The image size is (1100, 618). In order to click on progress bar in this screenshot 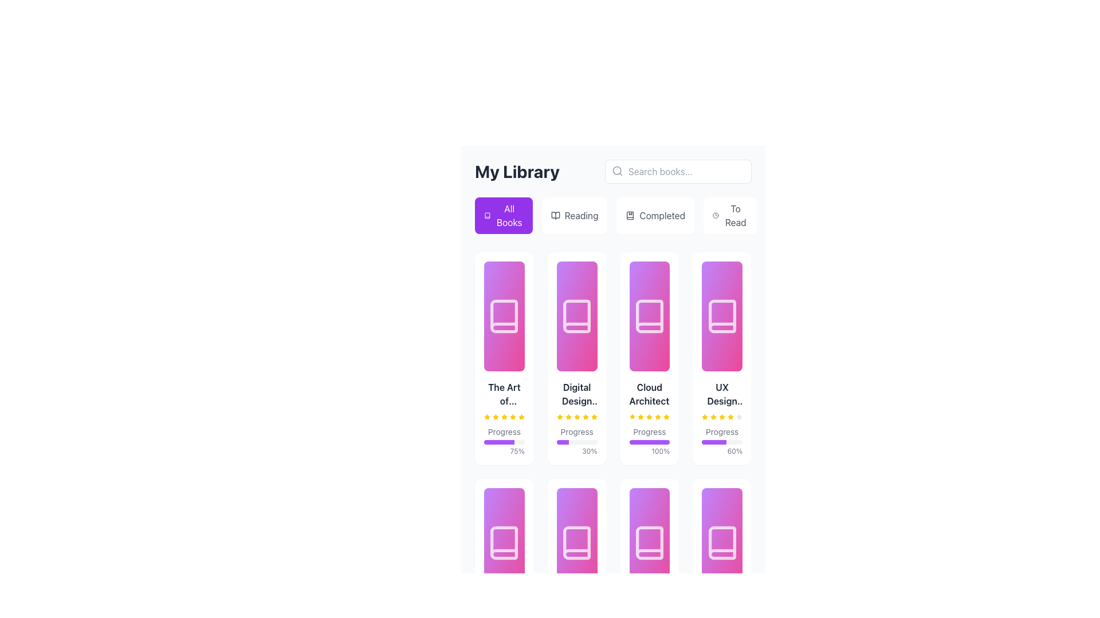, I will do `click(511, 441)`.